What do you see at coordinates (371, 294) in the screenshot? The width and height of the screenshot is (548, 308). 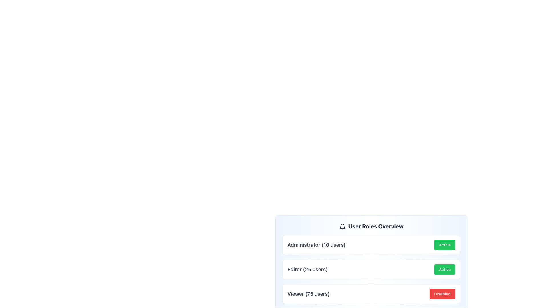 I see `the informational component labeled 'Viewer (75 users)' with a red button labeled 'Disabled', which is the last element in a vertically stacked layout` at bounding box center [371, 294].